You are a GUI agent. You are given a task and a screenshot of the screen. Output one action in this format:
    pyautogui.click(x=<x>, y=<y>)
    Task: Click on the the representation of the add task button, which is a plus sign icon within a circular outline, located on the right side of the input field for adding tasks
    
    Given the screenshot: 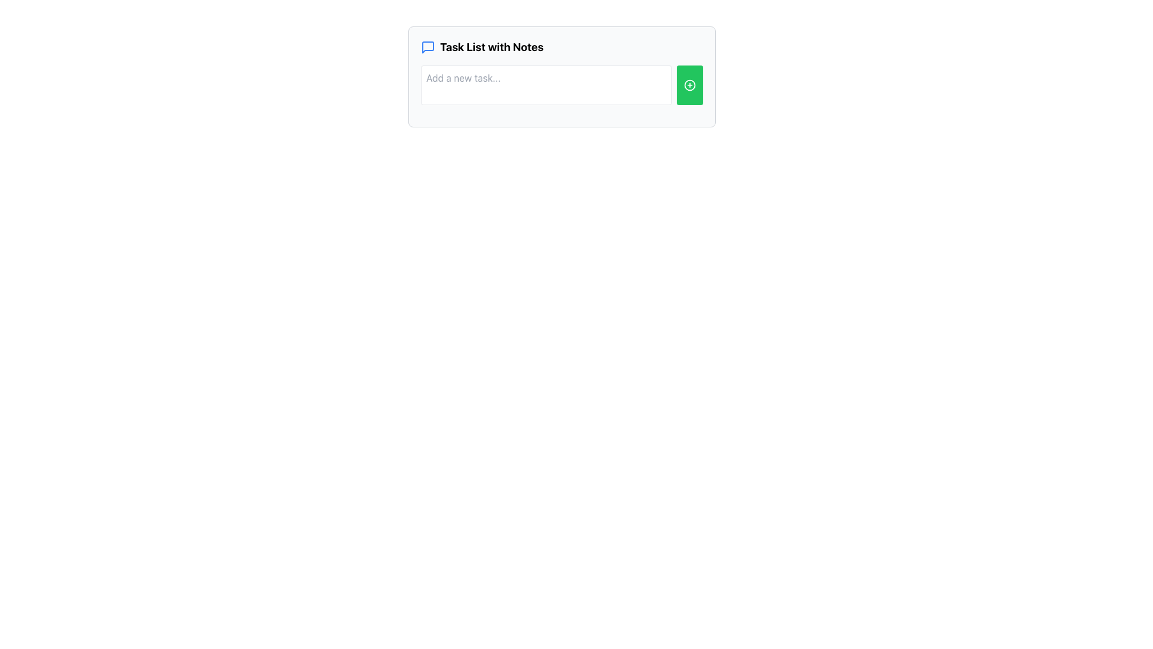 What is the action you would take?
    pyautogui.click(x=689, y=85)
    